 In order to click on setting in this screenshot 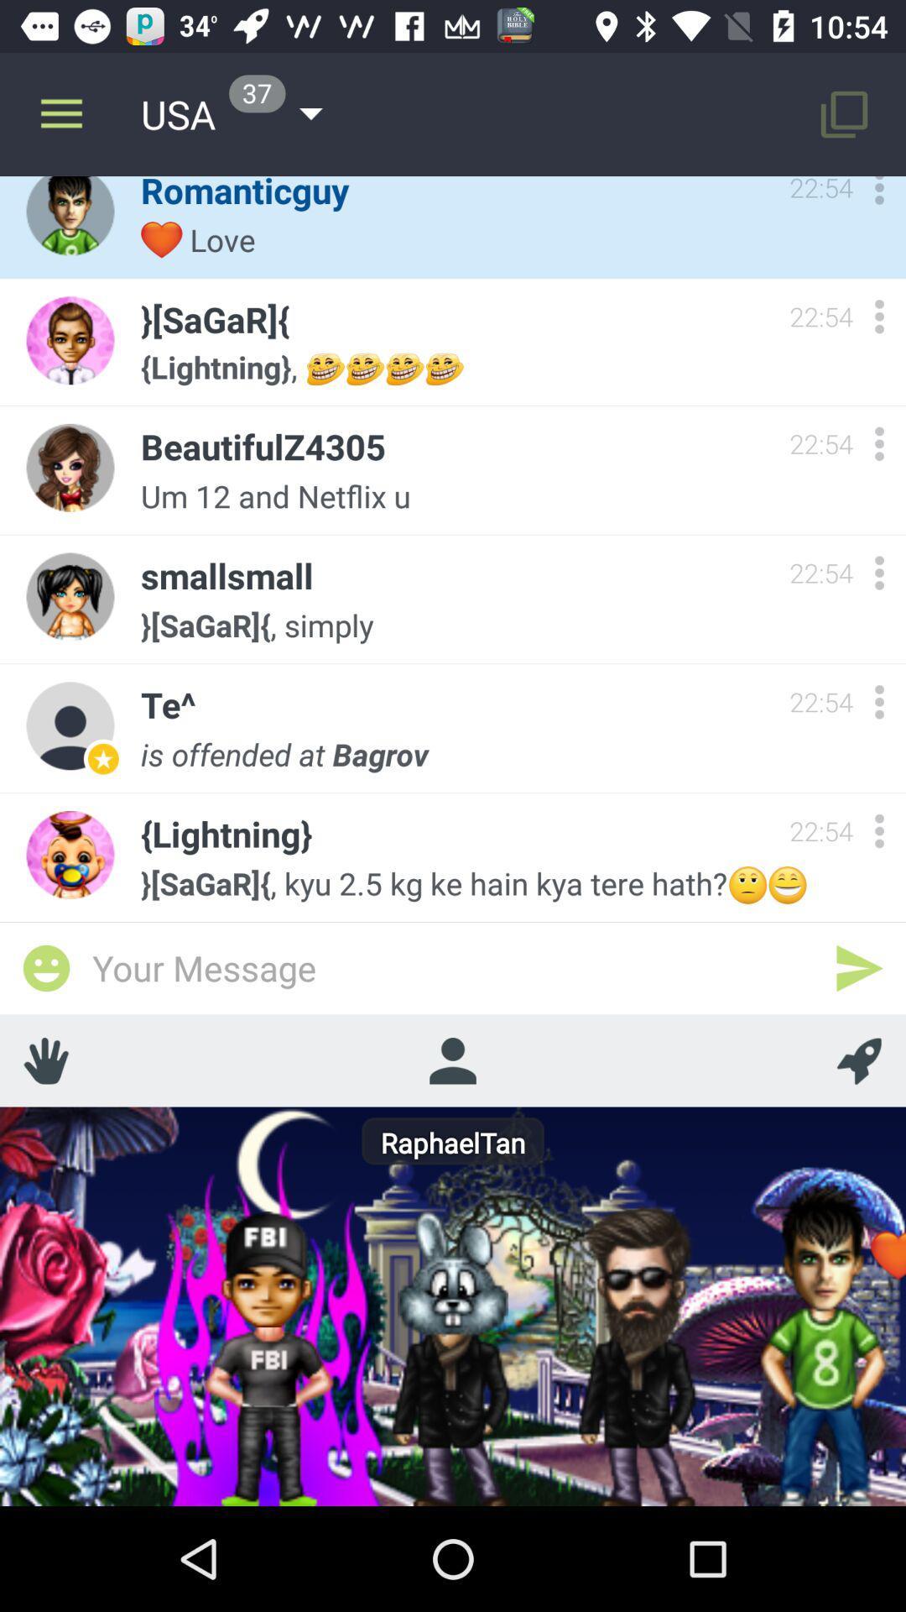, I will do `click(878, 702)`.